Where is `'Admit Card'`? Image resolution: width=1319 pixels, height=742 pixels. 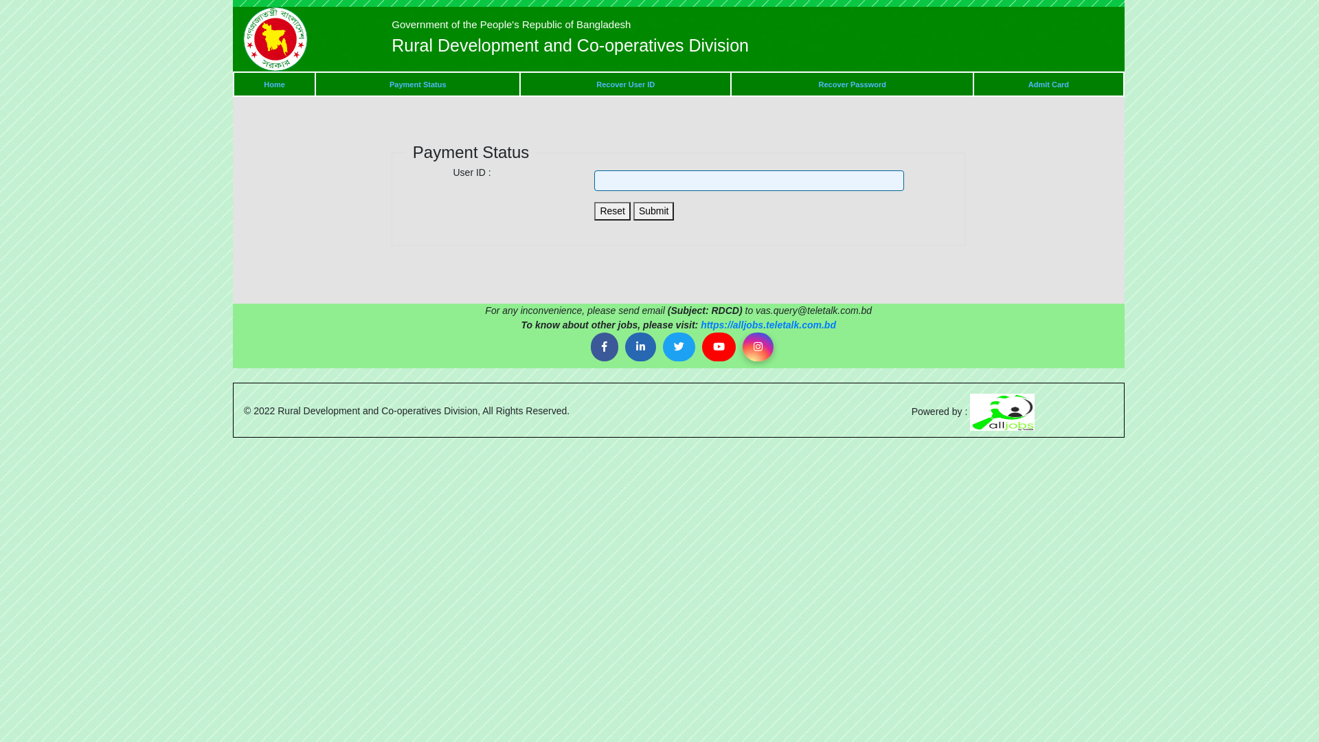 'Admit Card' is located at coordinates (1048, 85).